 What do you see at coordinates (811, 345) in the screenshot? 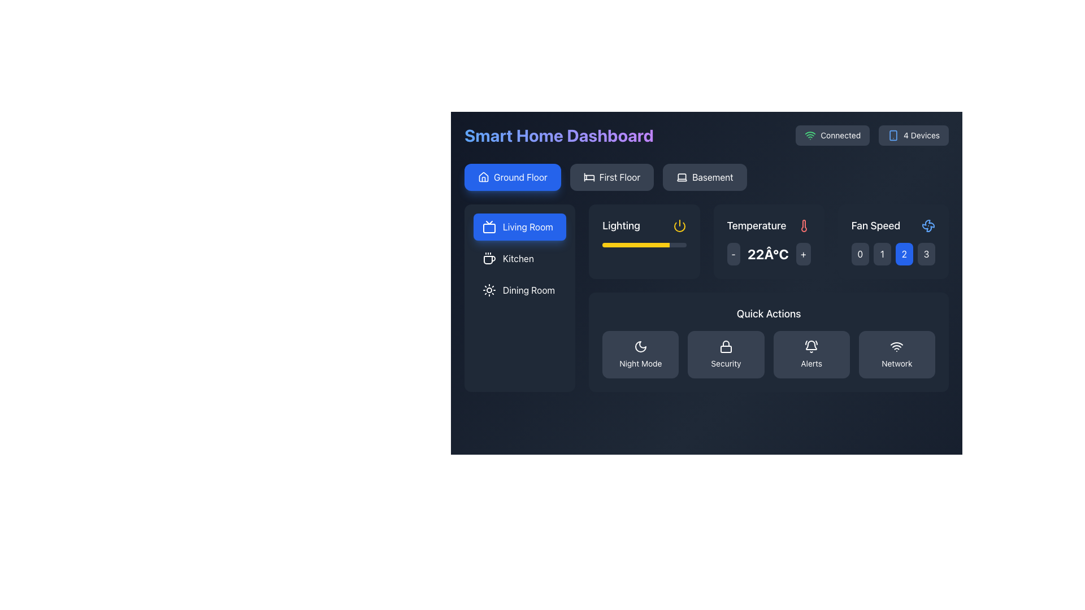
I see `the alarm bell icon located in the 'Alerts' quick action button, which is the second from the right in the bottom row of the dashboard` at bounding box center [811, 345].